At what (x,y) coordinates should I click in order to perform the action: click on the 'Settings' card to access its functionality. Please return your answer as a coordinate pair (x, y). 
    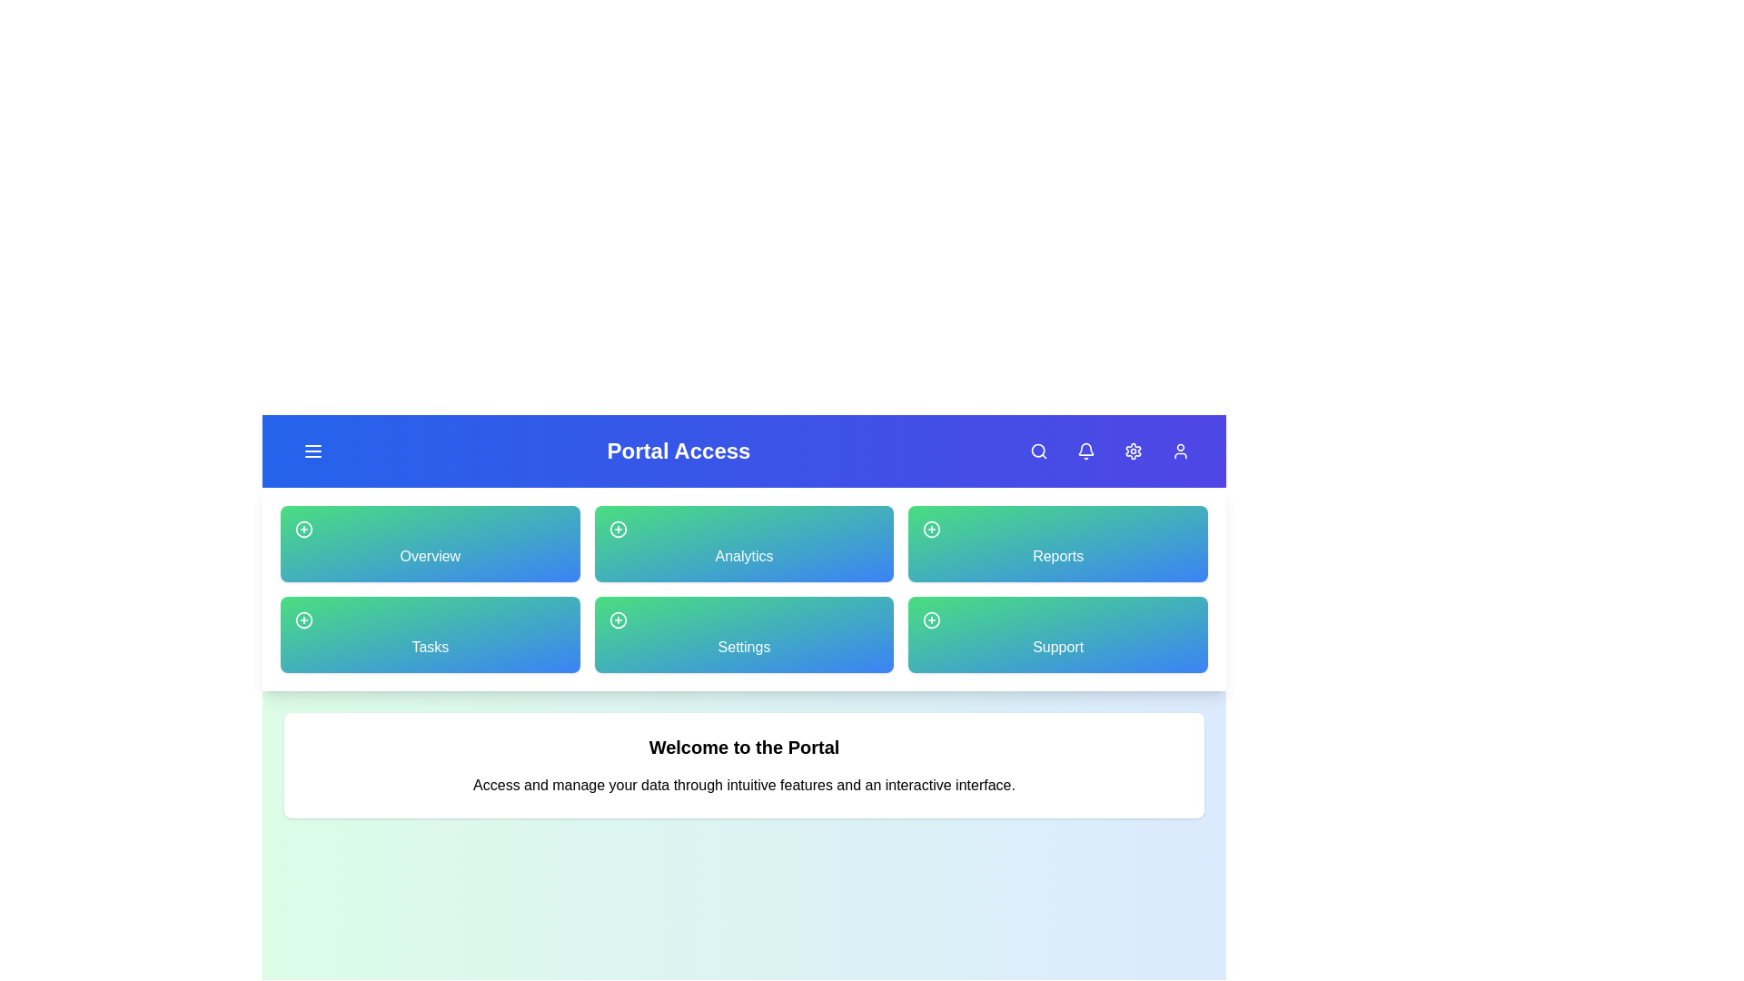
    Looking at the image, I should click on (744, 633).